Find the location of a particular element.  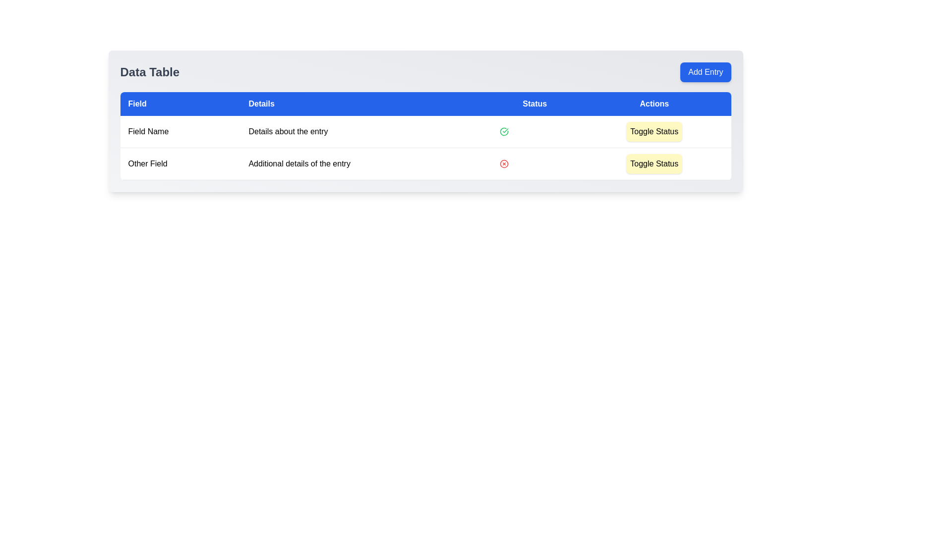

the 'Toggle Status' button, which is a rectangular button with rounded corners, a yellow background, and black text, located in the 'Actions' column of the top row in a table is located at coordinates (654, 131).